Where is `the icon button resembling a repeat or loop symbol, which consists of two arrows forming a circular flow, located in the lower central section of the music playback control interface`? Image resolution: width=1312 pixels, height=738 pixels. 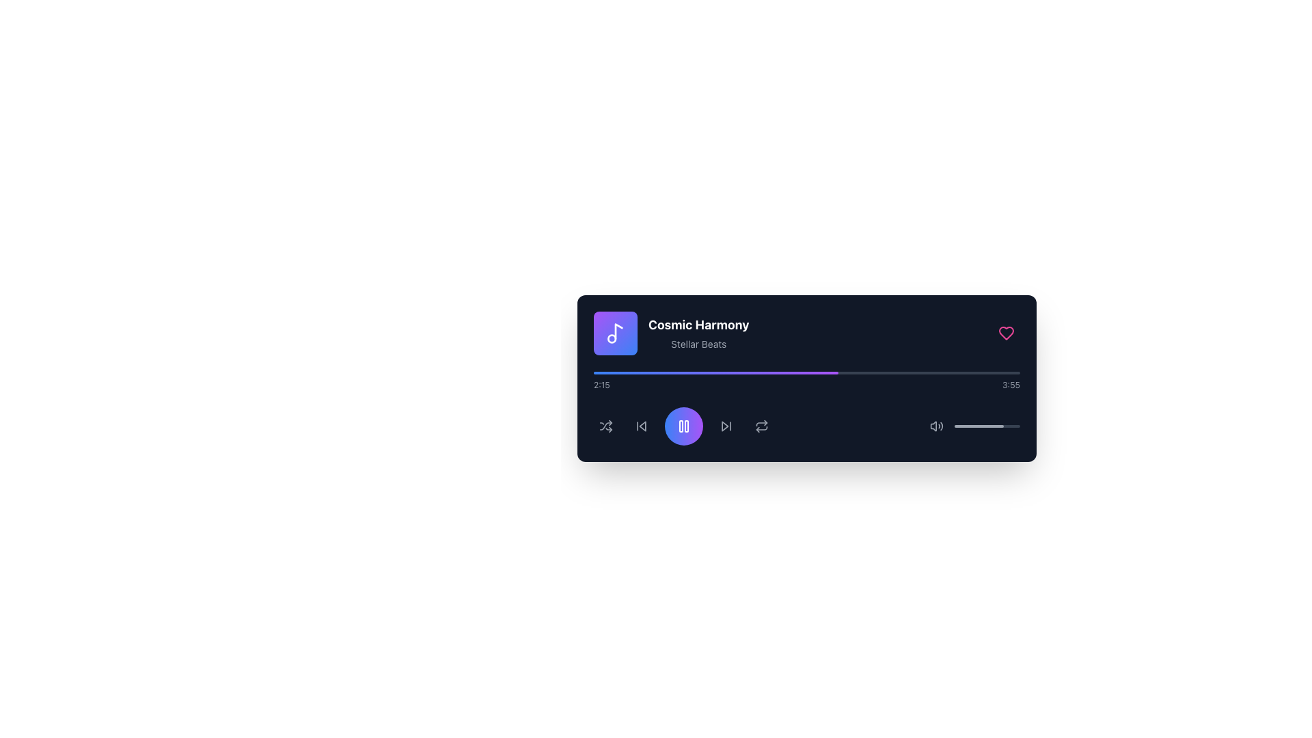 the icon button resembling a repeat or loop symbol, which consists of two arrows forming a circular flow, located in the lower central section of the music playback control interface is located at coordinates (761, 426).